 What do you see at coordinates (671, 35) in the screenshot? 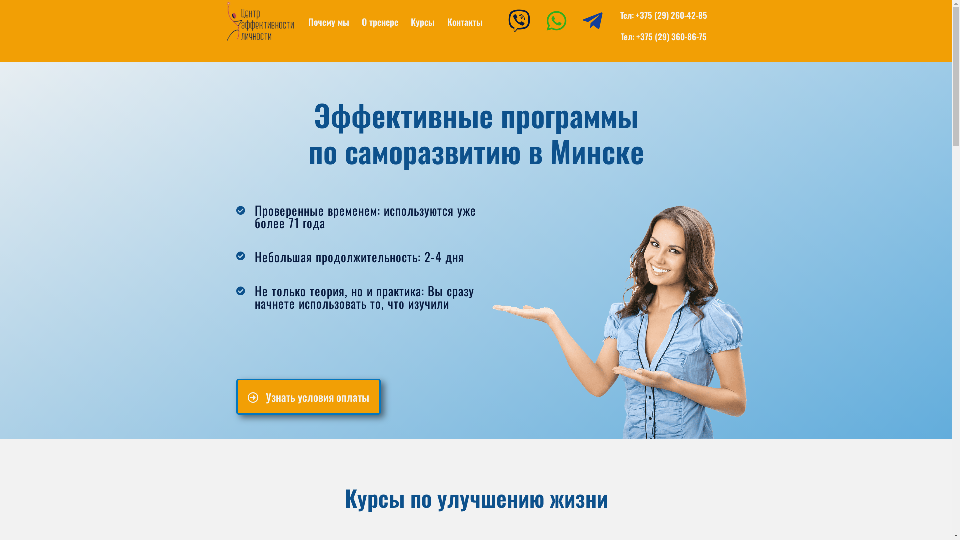
I see `'+375 (29) 360-86-75'` at bounding box center [671, 35].